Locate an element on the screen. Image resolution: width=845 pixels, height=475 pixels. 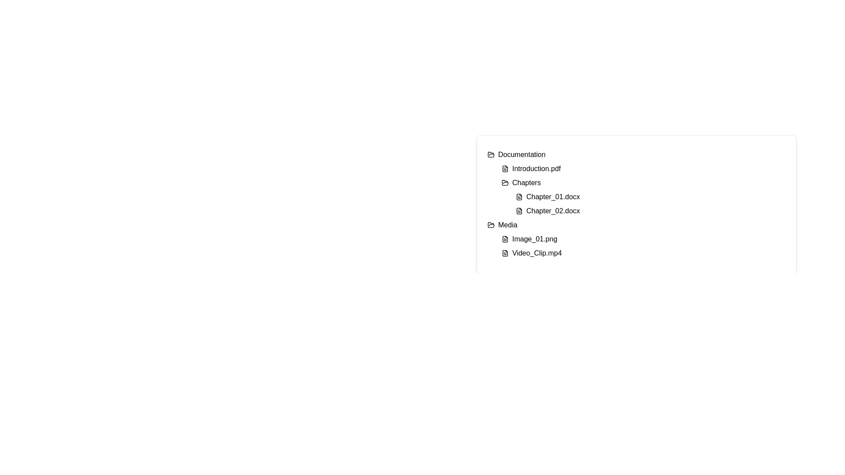
the text label representing the file named 'Introduction.pdf' located under the 'Documentation' folder is located at coordinates (536, 169).